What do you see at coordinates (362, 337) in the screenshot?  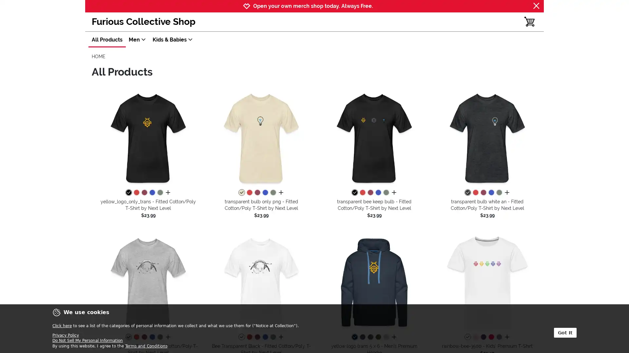 I see `heather denim` at bounding box center [362, 337].